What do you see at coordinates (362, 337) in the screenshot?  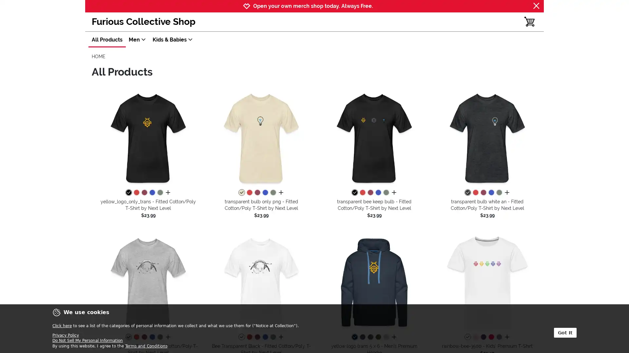 I see `heather denim` at bounding box center [362, 337].